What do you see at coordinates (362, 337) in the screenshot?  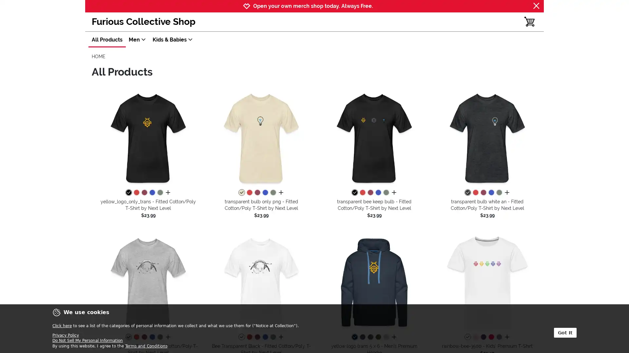 I see `heather denim` at bounding box center [362, 337].